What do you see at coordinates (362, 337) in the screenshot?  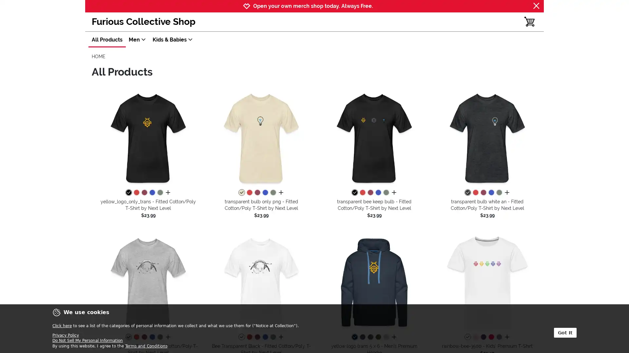 I see `heather denim` at bounding box center [362, 337].